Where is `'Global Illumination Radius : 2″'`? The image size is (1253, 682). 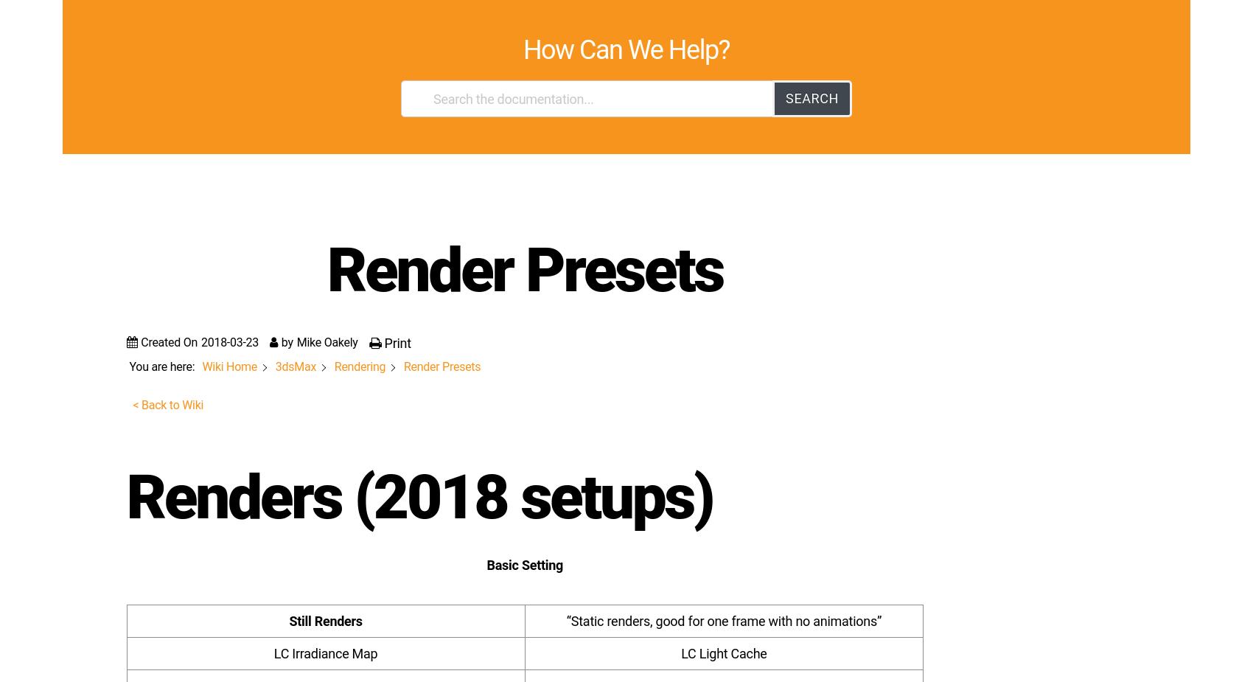 'Global Illumination Radius : 2″' is located at coordinates (225, 244).